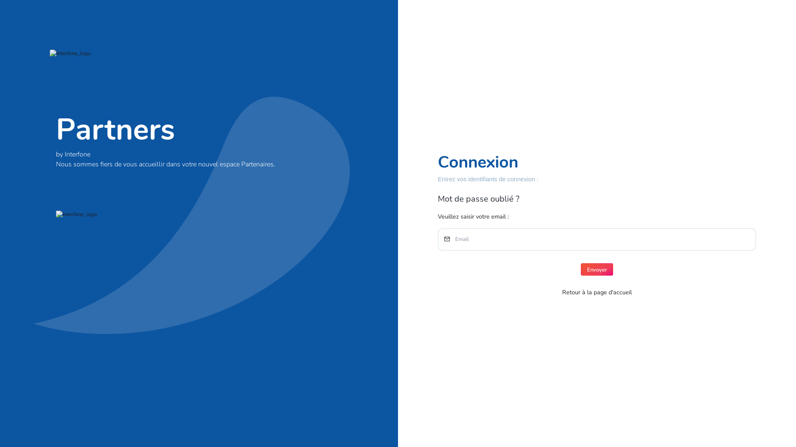 This screenshot has height=447, width=796. What do you see at coordinates (580, 269) in the screenshot?
I see `'Envoyer'` at bounding box center [580, 269].